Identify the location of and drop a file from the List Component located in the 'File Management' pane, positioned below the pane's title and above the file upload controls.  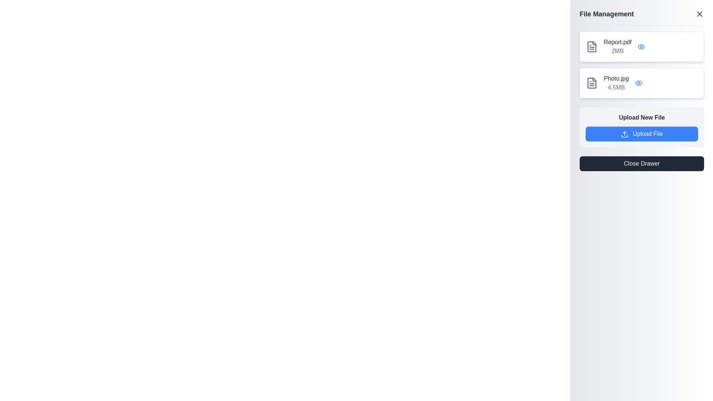
(641, 64).